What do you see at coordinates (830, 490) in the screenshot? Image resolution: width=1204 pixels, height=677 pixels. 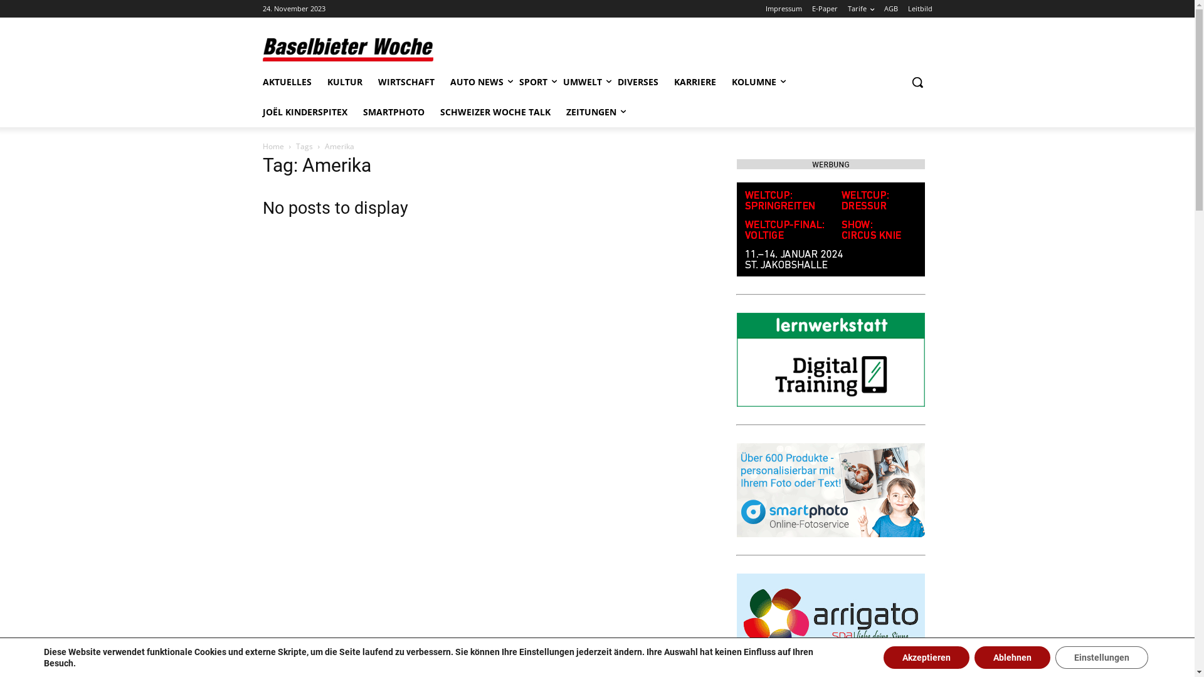 I see `'smartphoto'` at bounding box center [830, 490].